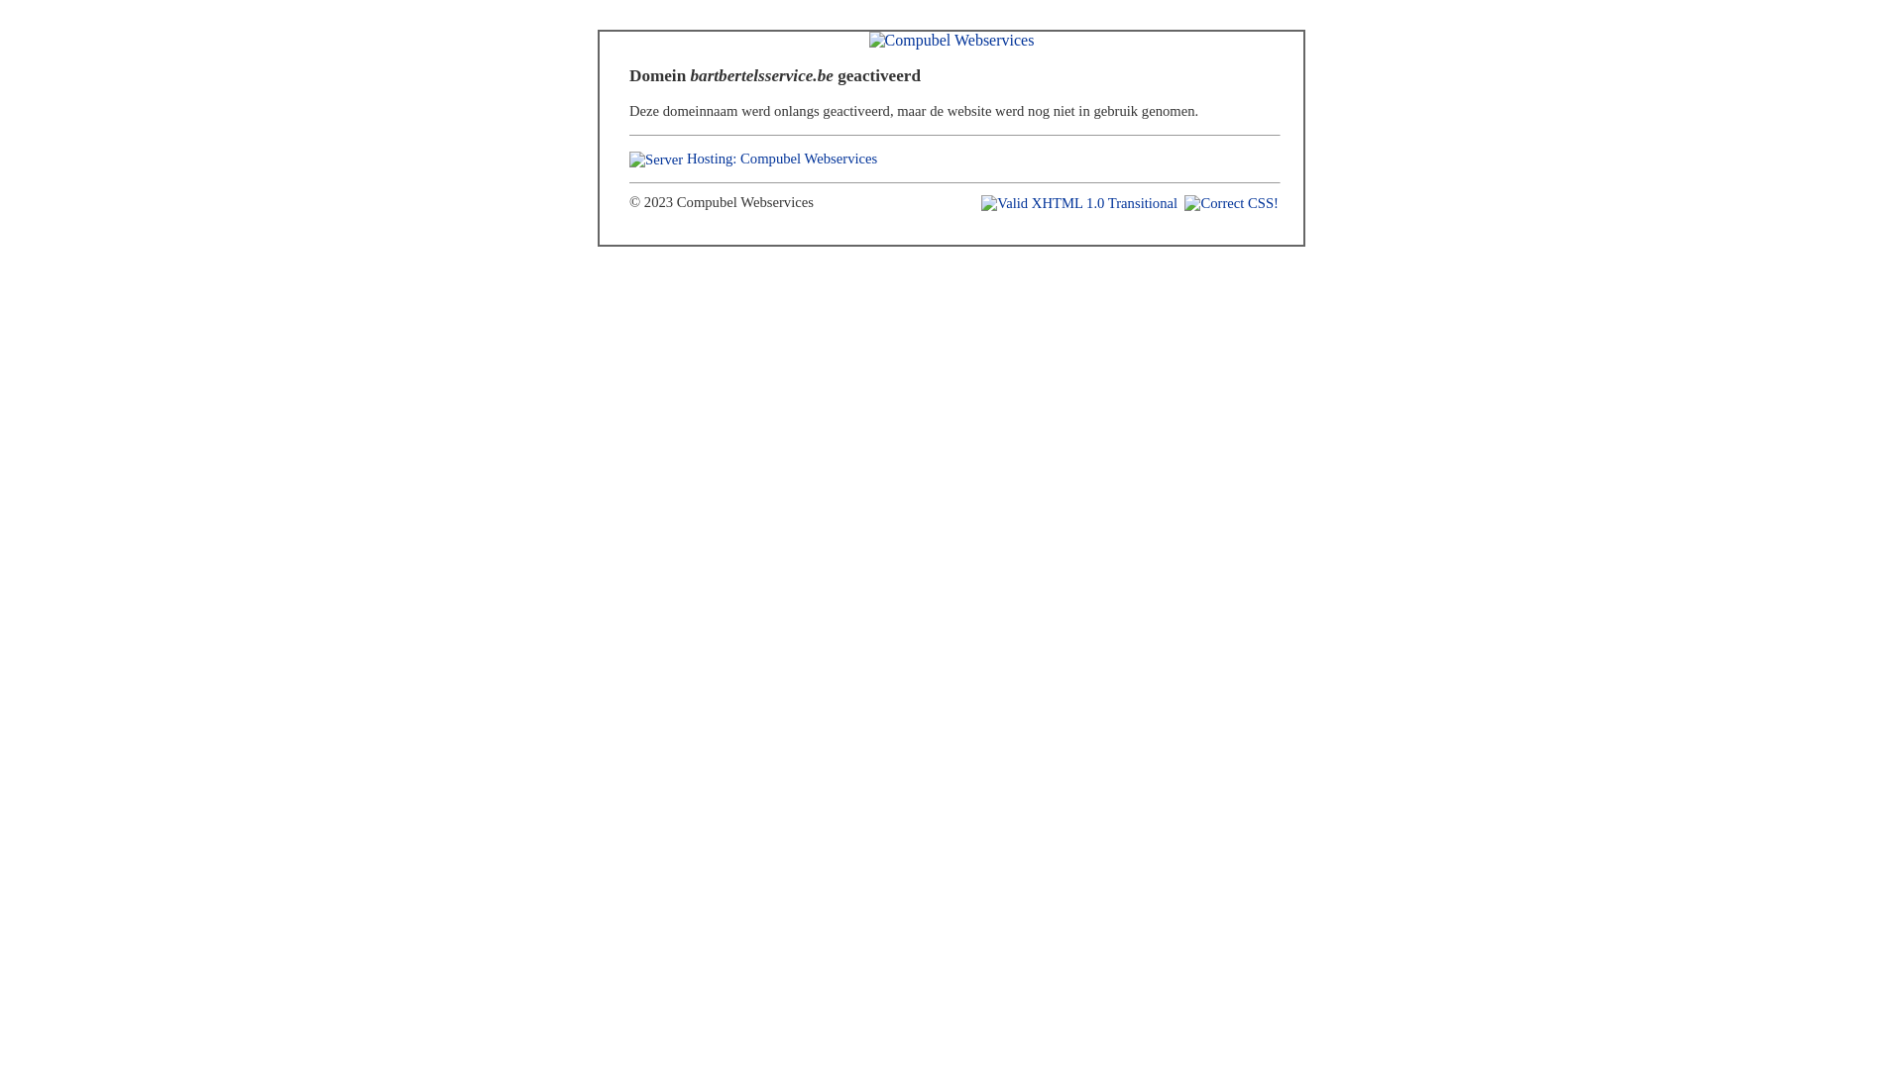  What do you see at coordinates (780, 157) in the screenshot?
I see `'Hosting: Compubel Webservices'` at bounding box center [780, 157].